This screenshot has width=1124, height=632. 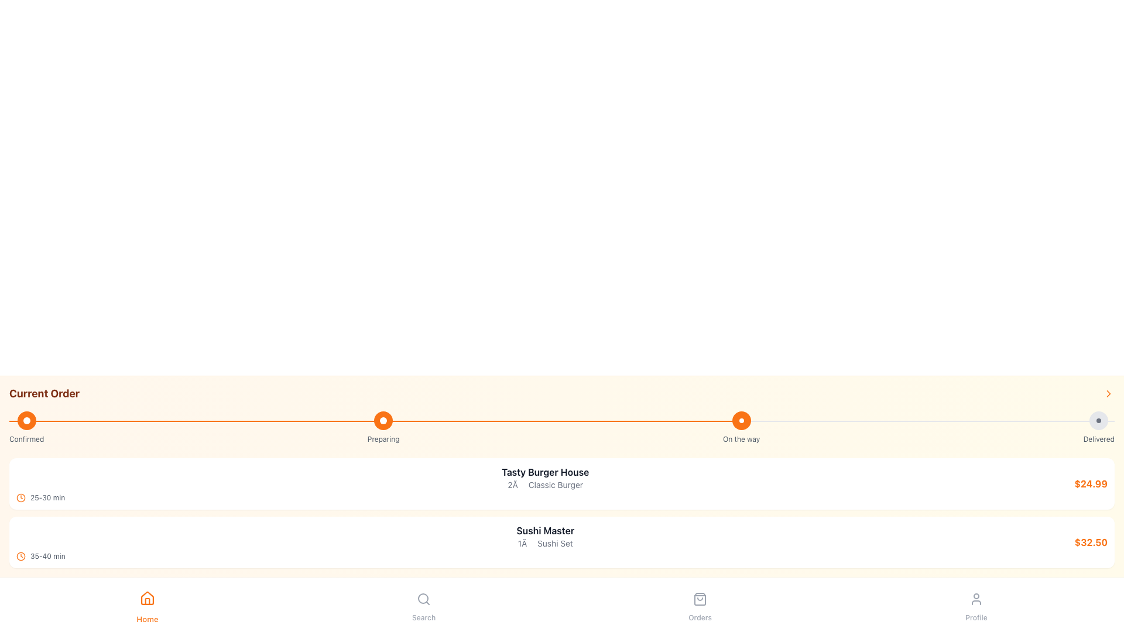 What do you see at coordinates (976, 617) in the screenshot?
I see `text label that indicates the navigation button for the user's profile section, located beneath the user silhouette icon in the bottom navigation bar` at bounding box center [976, 617].